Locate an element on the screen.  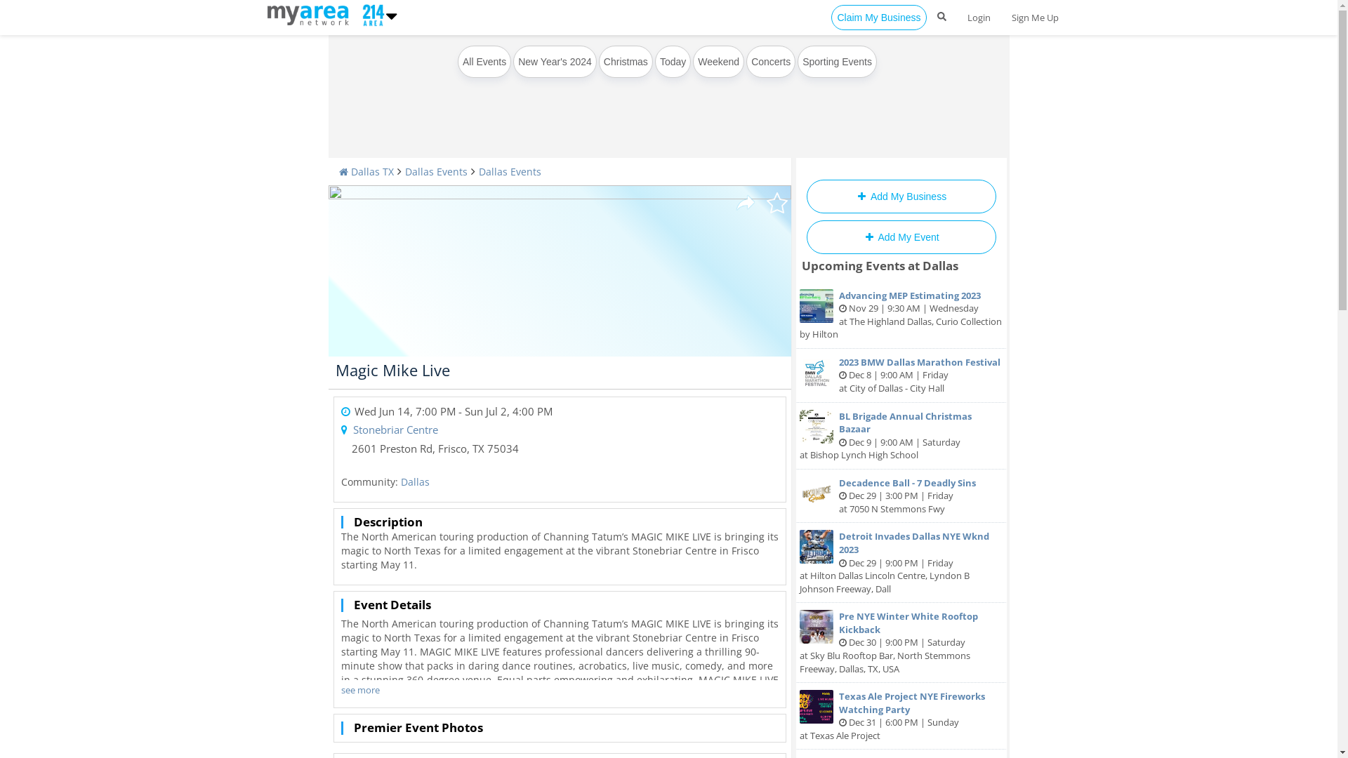
'Stonebriar Centre' is located at coordinates (394, 429).